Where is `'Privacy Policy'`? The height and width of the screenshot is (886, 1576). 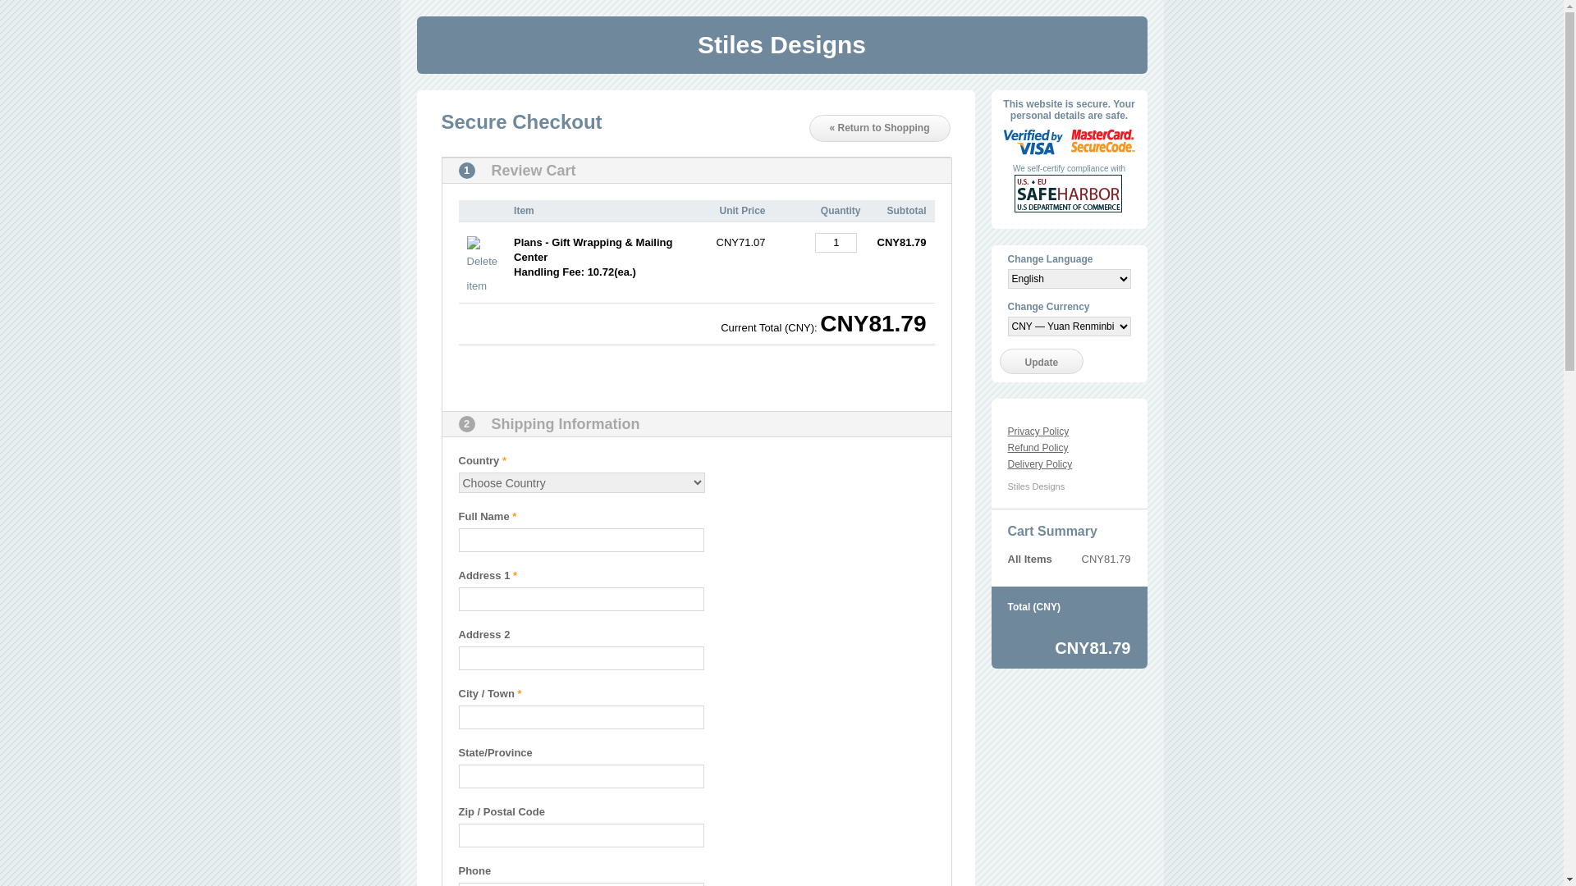
'Privacy Policy' is located at coordinates (1038, 430).